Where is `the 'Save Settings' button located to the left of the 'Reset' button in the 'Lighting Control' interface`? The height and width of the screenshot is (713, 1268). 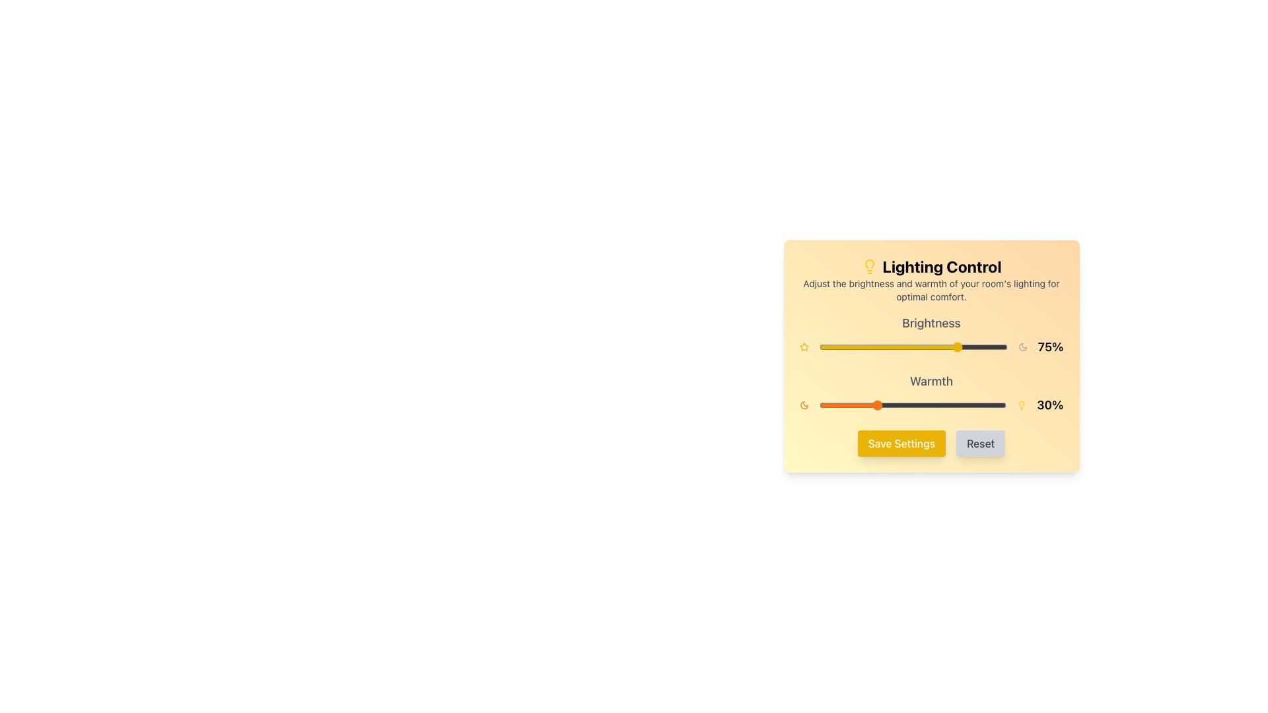
the 'Save Settings' button located to the left of the 'Reset' button in the 'Lighting Control' interface is located at coordinates (931, 443).